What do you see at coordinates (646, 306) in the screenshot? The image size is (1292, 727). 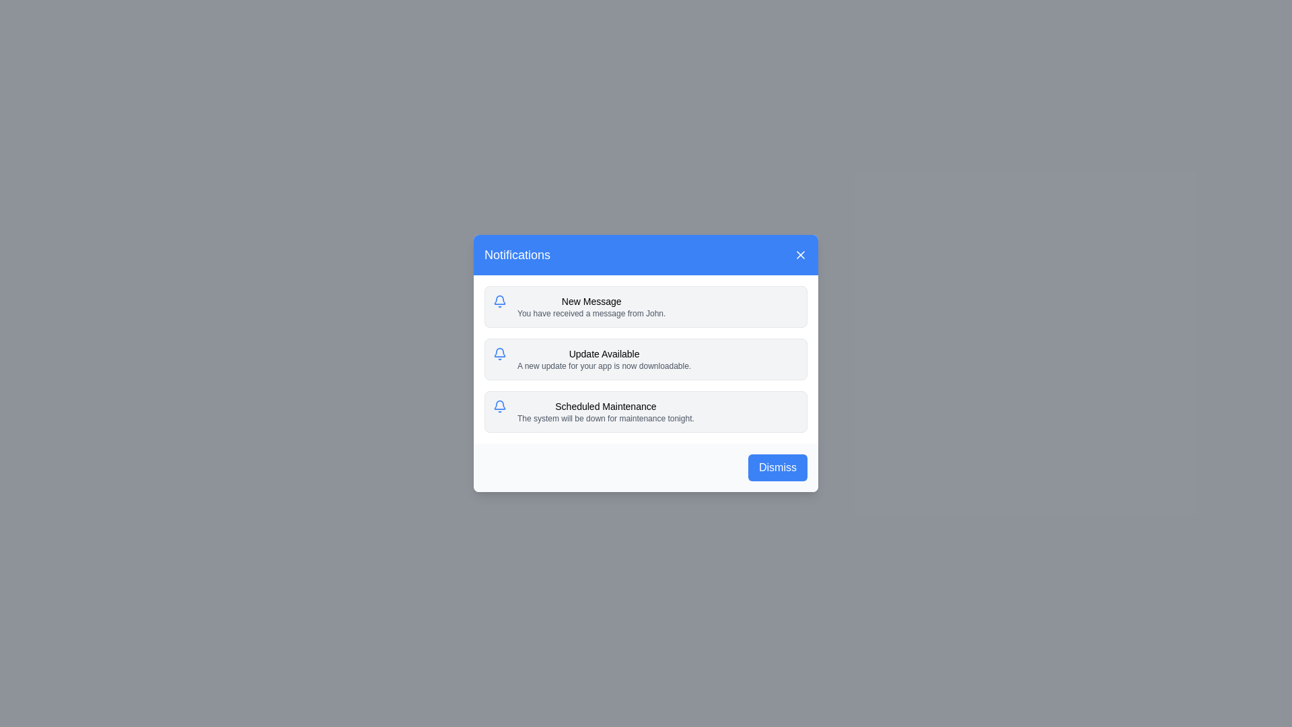 I see `the Notification card displaying a blue bell icon and the text 'New Message' at the top, which is the topmost card in the Notifications modal` at bounding box center [646, 306].